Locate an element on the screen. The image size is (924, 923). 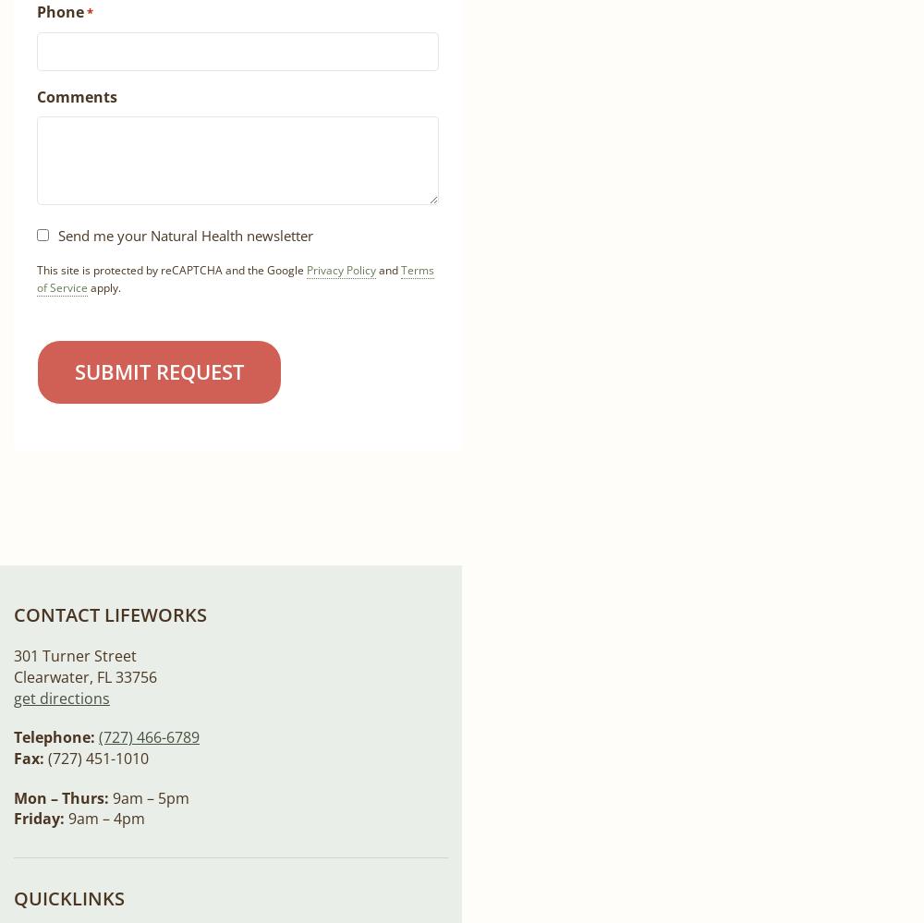
'Fax:' is located at coordinates (29, 758).